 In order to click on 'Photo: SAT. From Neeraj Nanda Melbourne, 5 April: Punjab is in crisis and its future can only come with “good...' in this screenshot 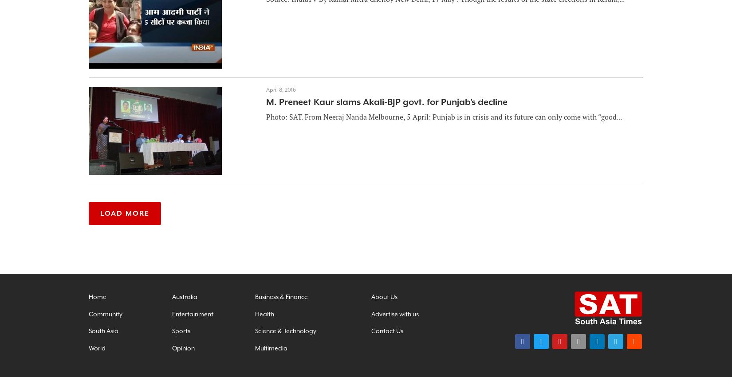, I will do `click(444, 116)`.